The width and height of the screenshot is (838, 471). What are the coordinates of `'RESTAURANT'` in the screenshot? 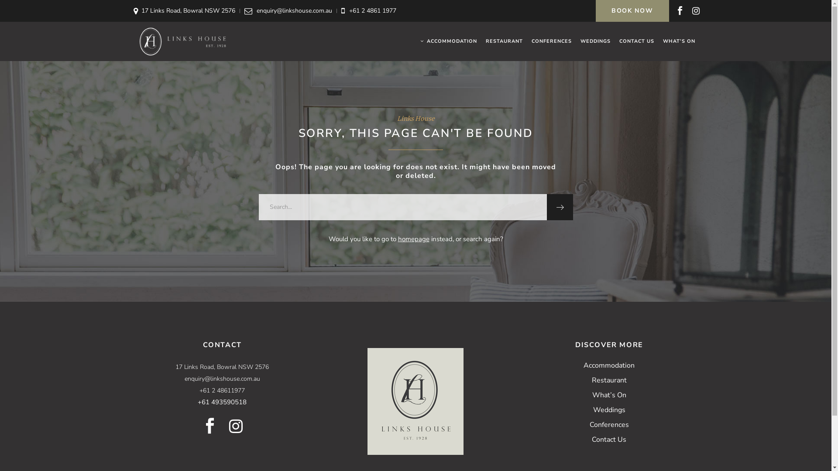 It's located at (504, 41).